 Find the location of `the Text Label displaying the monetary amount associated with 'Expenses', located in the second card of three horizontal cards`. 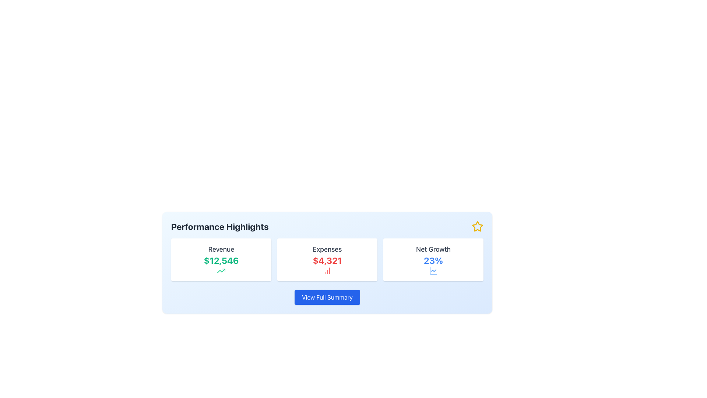

the Text Label displaying the monetary amount associated with 'Expenses', located in the second card of three horizontal cards is located at coordinates (327, 260).